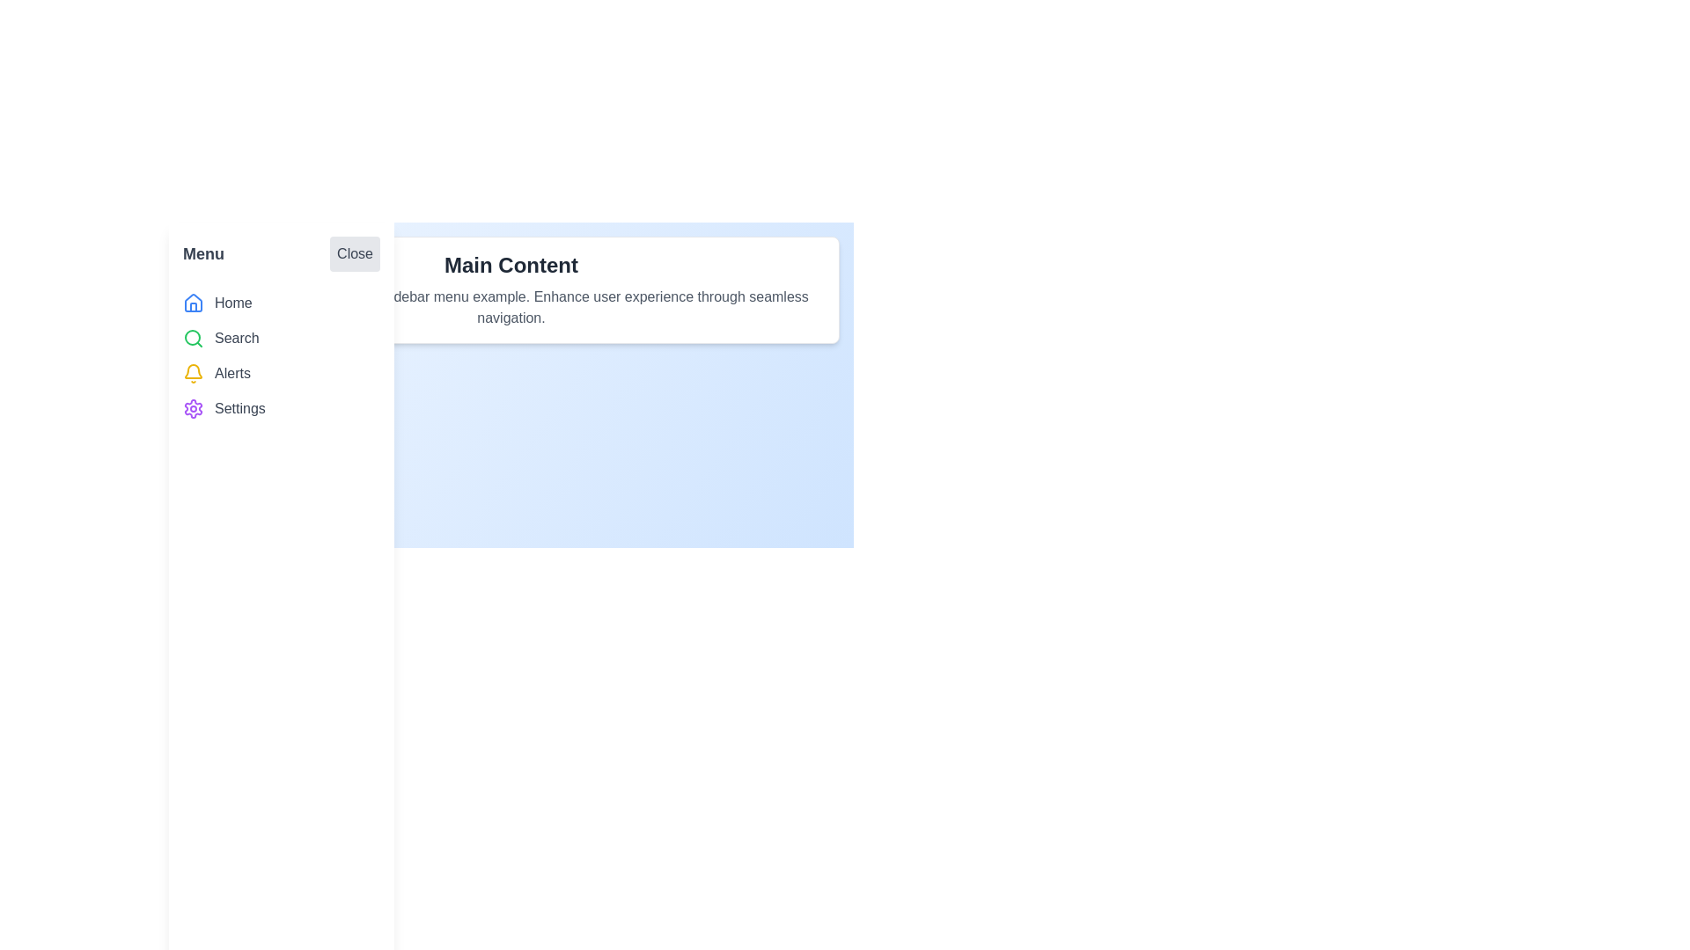  I want to click on the bold text header that reads 'Main Content', which is styled with a 2xl text size and dark gray color, located in a white box with rounded corners, so click(510, 265).